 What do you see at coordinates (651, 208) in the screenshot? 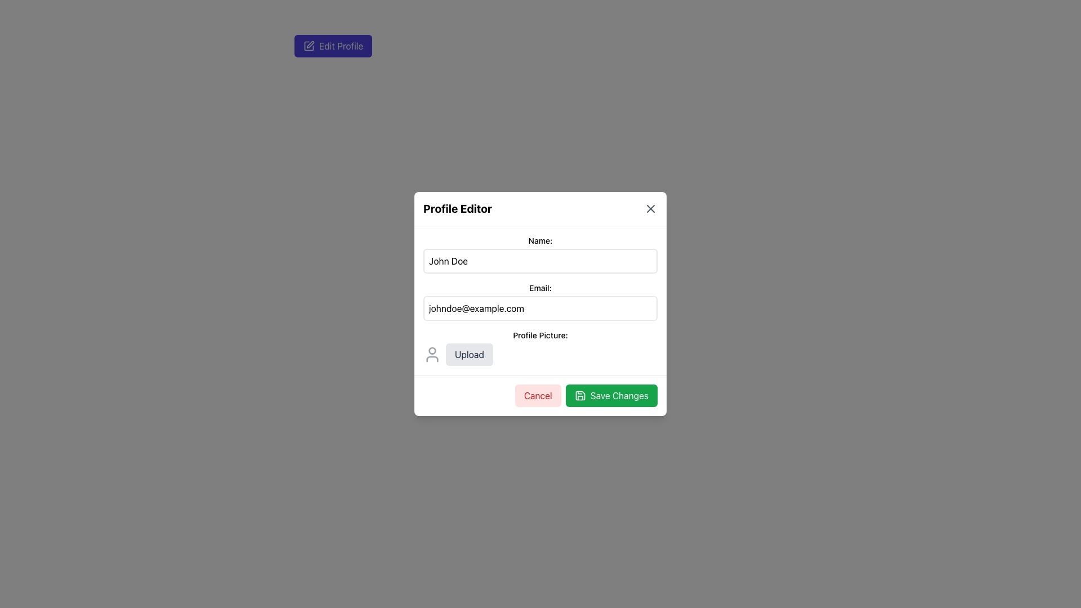
I see `the close button located at the right edge of the 'Profile Editor' modal header` at bounding box center [651, 208].